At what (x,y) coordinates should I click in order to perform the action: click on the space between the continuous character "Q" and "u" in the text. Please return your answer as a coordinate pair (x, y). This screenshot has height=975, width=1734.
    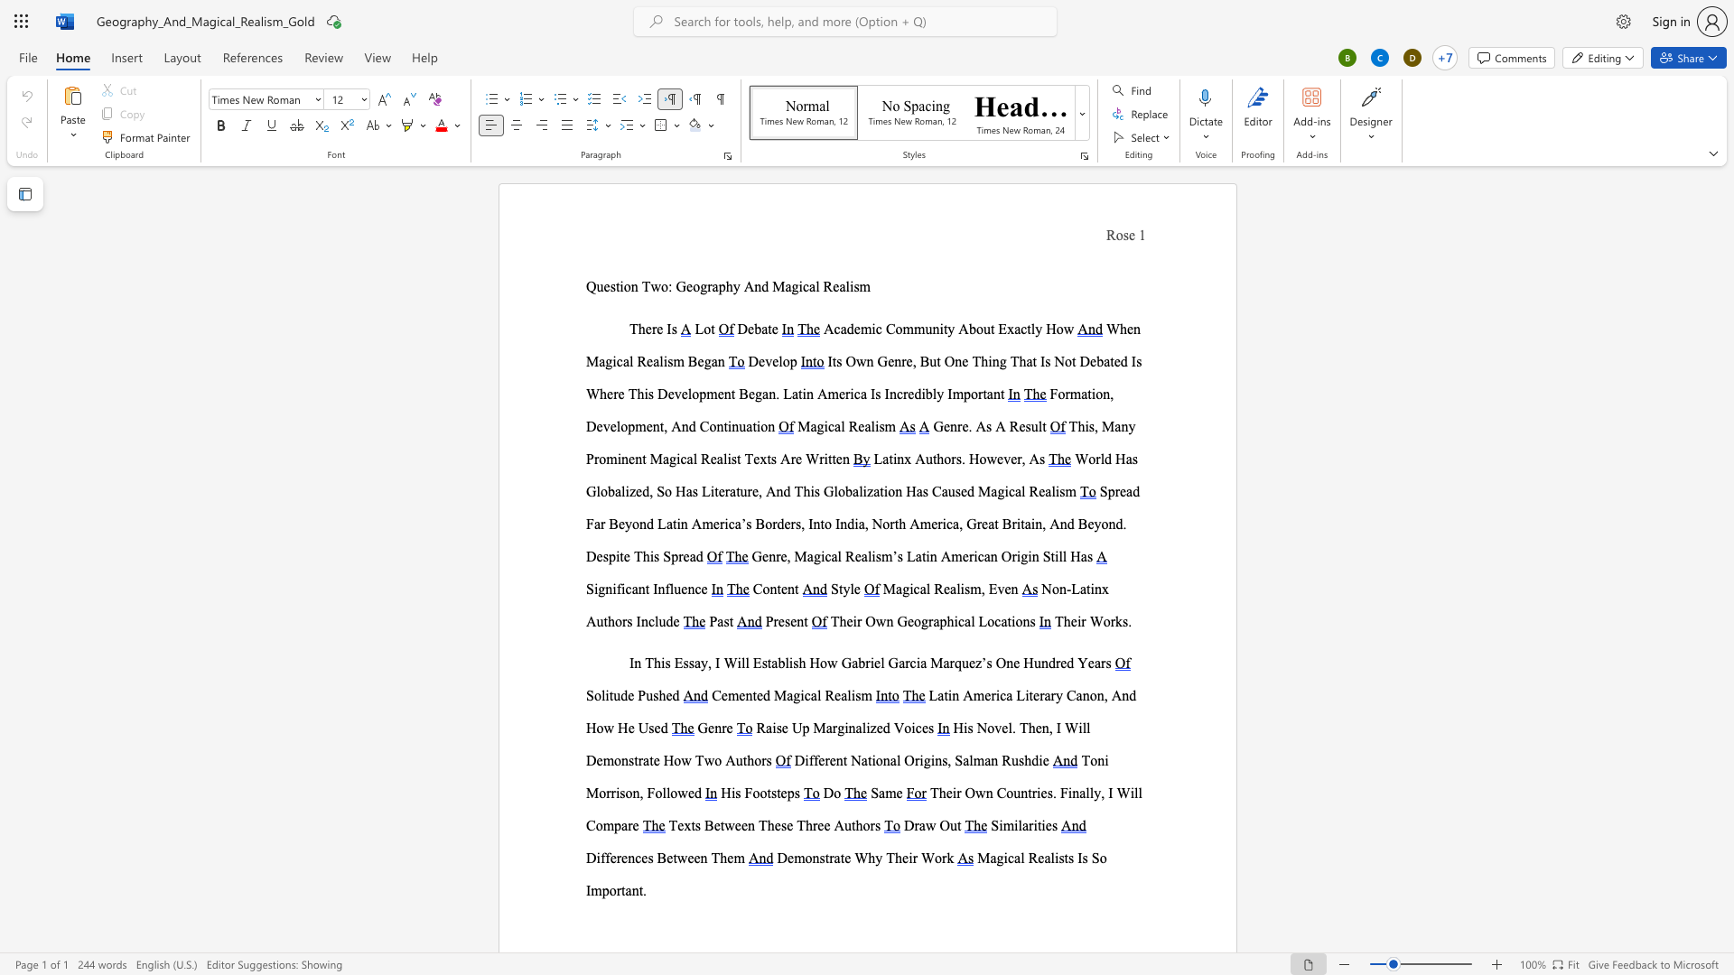
    Looking at the image, I should click on (595, 285).